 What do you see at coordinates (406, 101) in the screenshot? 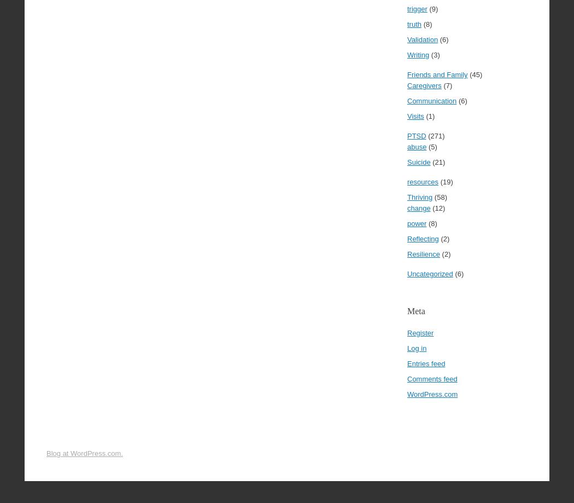
I see `'Communication'` at bounding box center [406, 101].